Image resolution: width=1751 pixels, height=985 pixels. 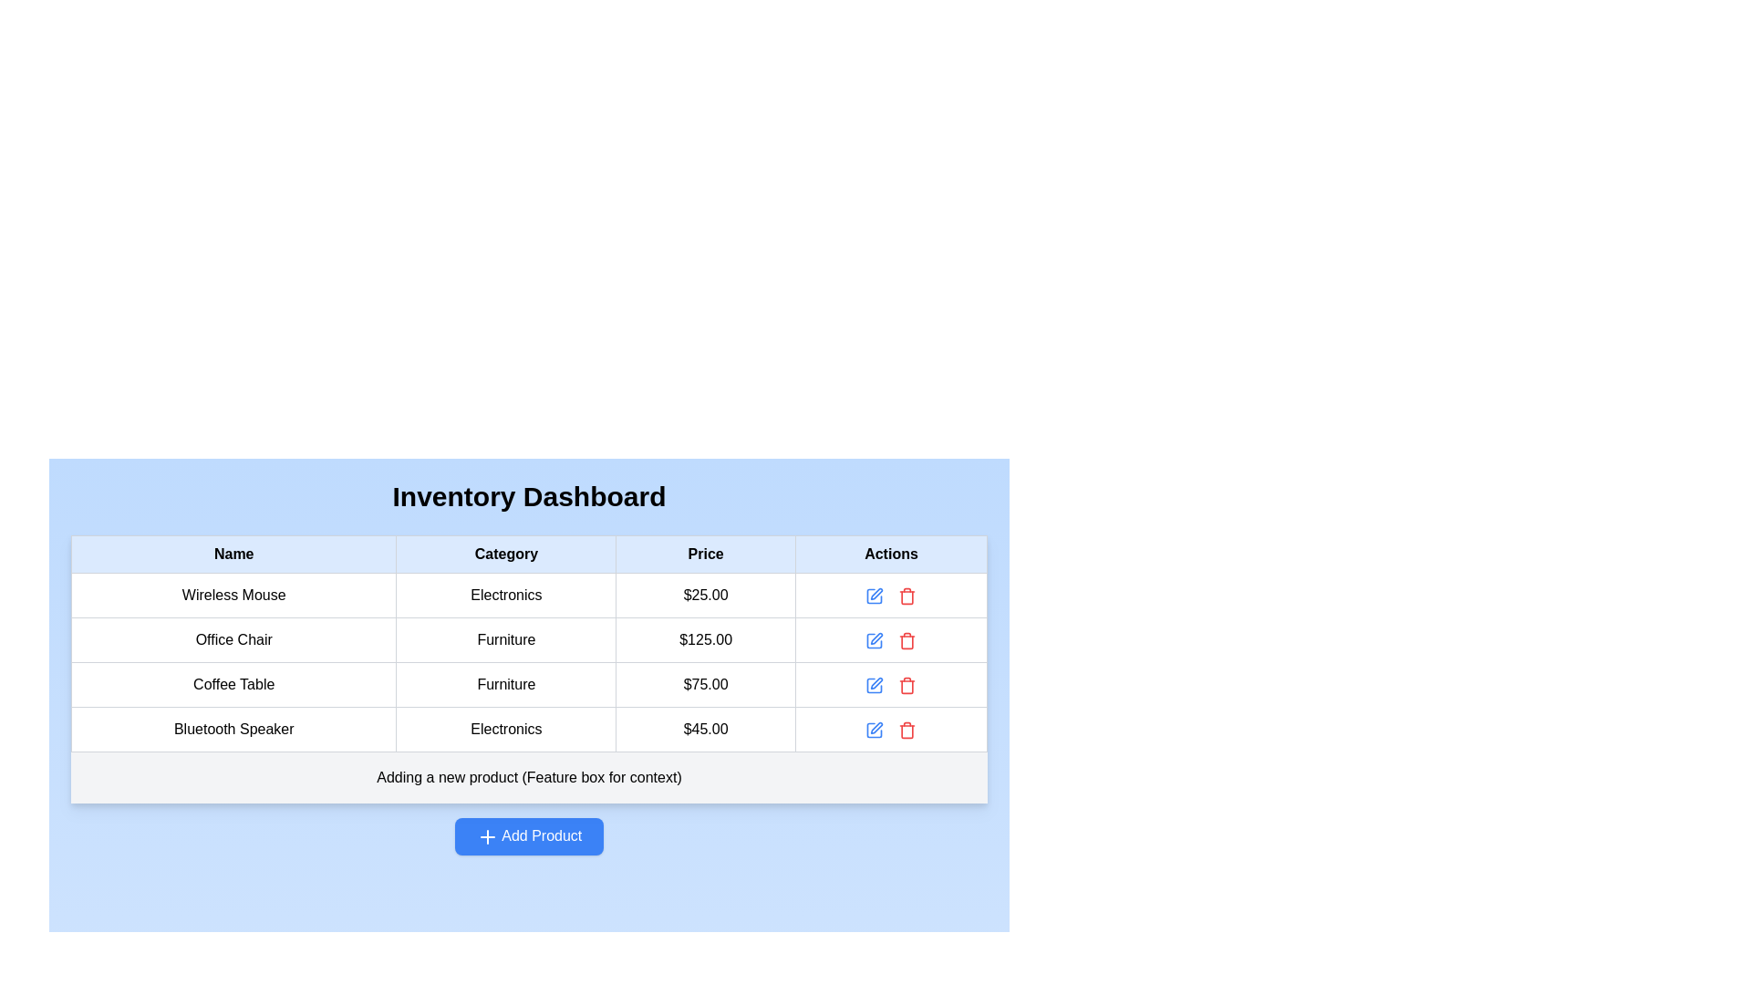 I want to click on the edit icon button in the 'Actions' column for the 'Coffee Table' row to initiate the edit action, so click(x=874, y=685).